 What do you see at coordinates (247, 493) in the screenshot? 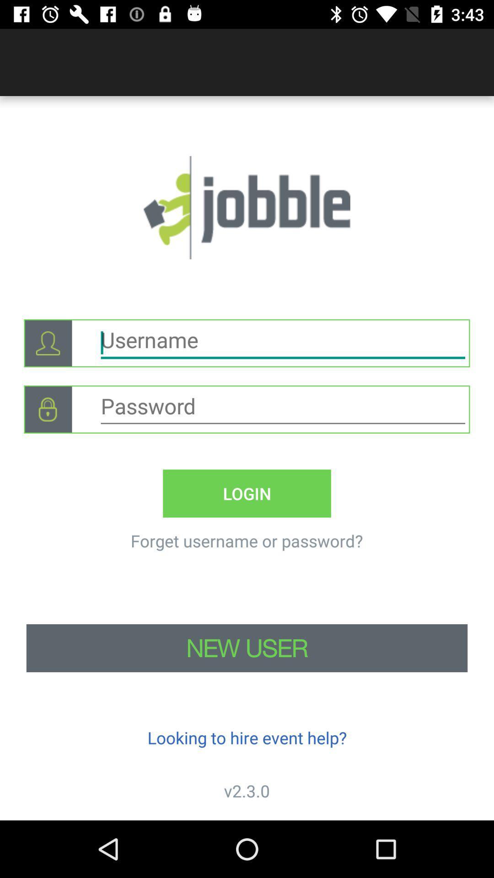
I see `the icon above forget username or item` at bounding box center [247, 493].